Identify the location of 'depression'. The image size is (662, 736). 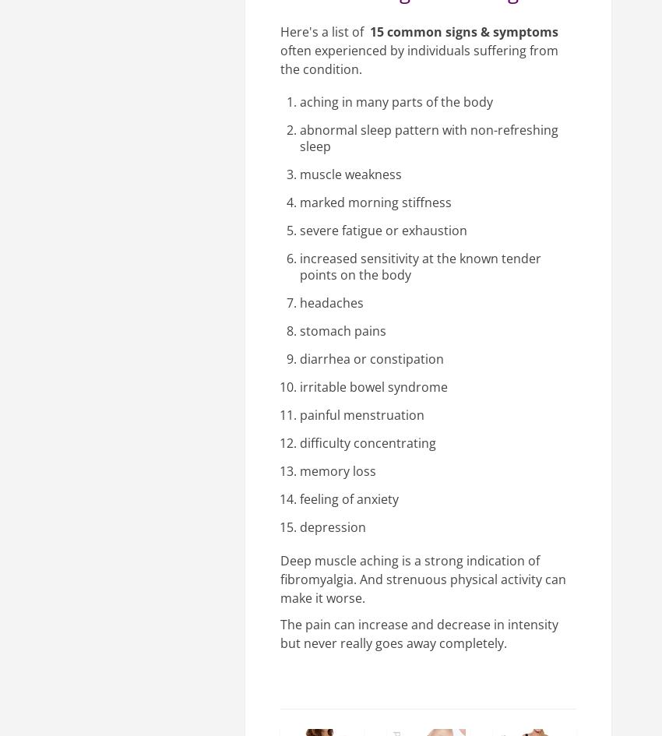
(299, 526).